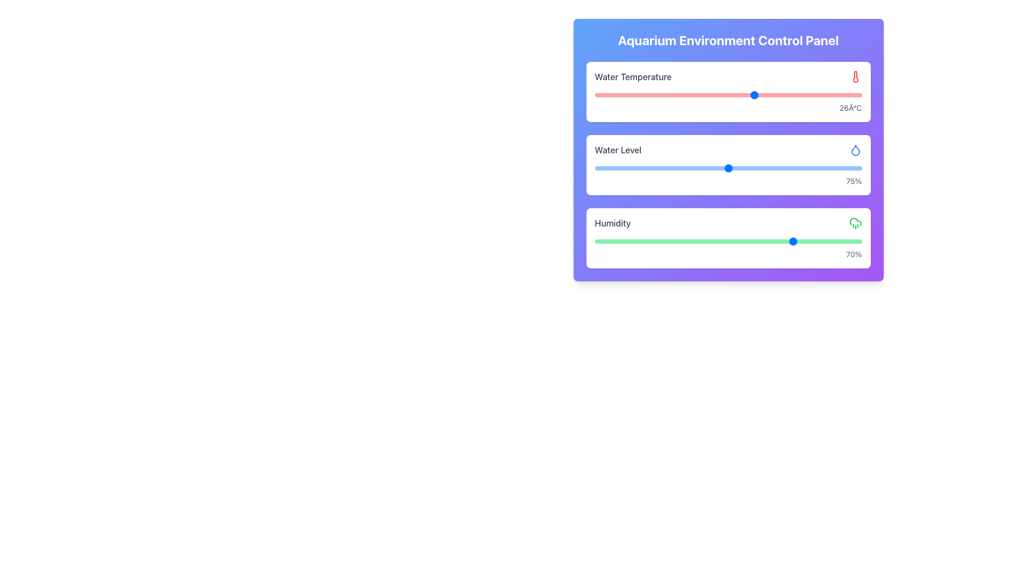 The height and width of the screenshot is (581, 1034). What do you see at coordinates (599, 168) in the screenshot?
I see `water level` at bounding box center [599, 168].